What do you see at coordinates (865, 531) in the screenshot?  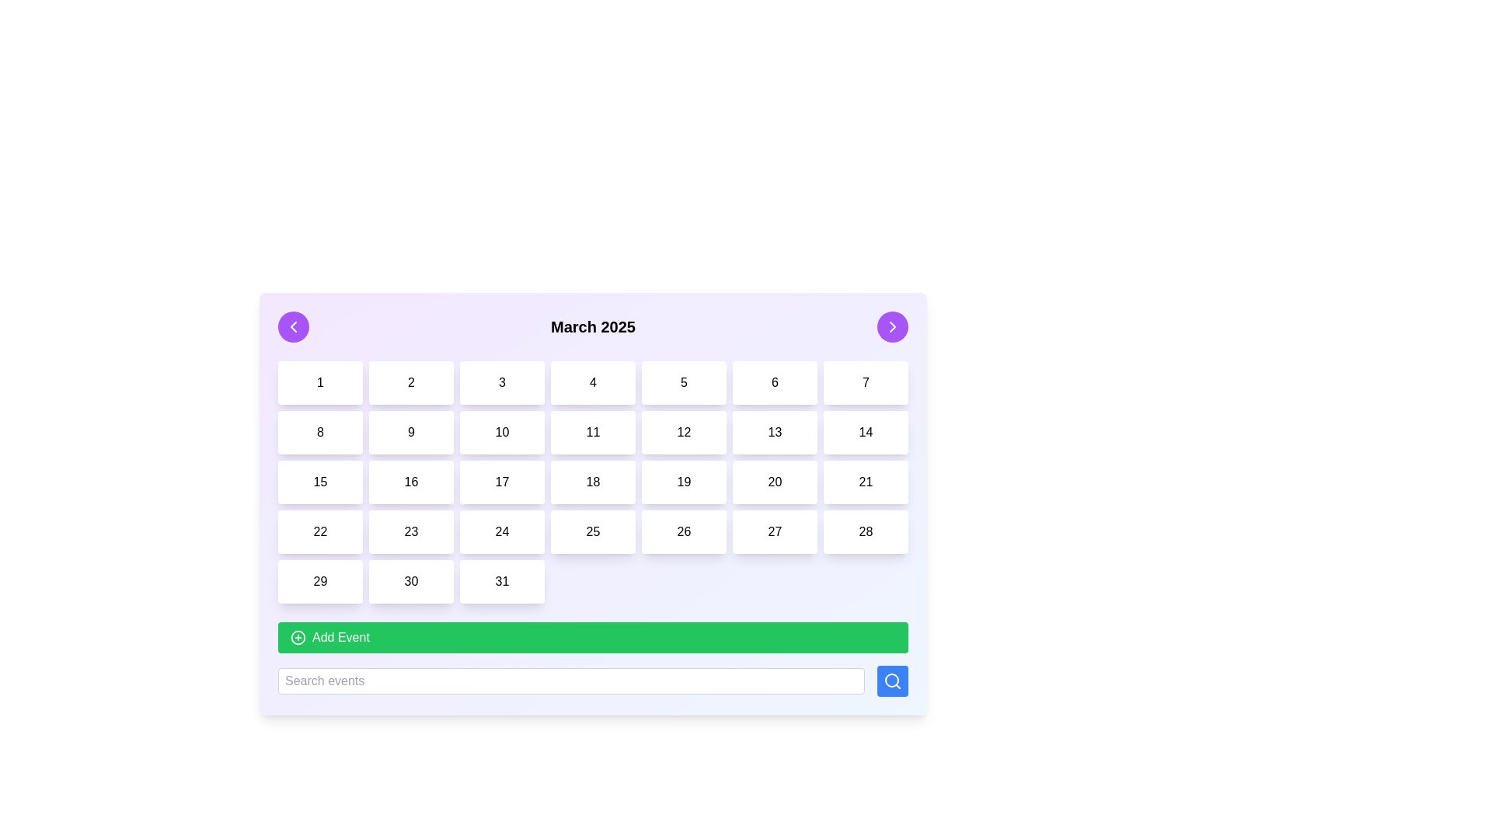 I see `from the center of the calendar day cell for March 28, 2025` at bounding box center [865, 531].